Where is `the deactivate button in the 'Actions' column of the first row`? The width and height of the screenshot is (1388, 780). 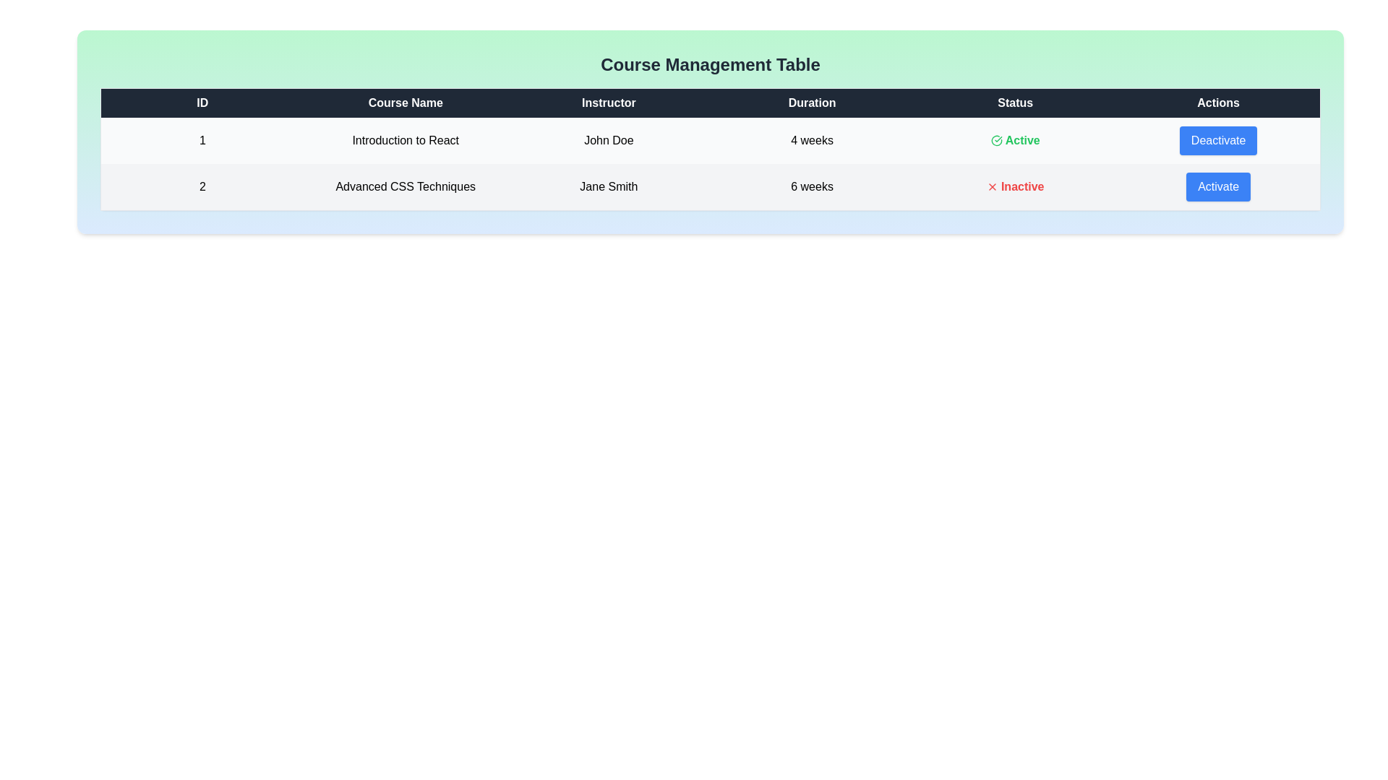
the deactivate button in the 'Actions' column of the first row is located at coordinates (1217, 141).